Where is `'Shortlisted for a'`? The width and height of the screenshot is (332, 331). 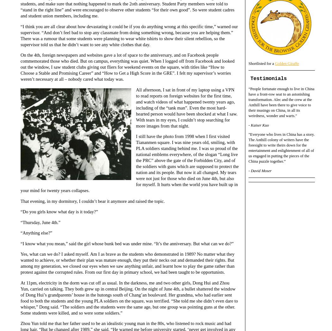 'Shortlisted for a' is located at coordinates (261, 63).